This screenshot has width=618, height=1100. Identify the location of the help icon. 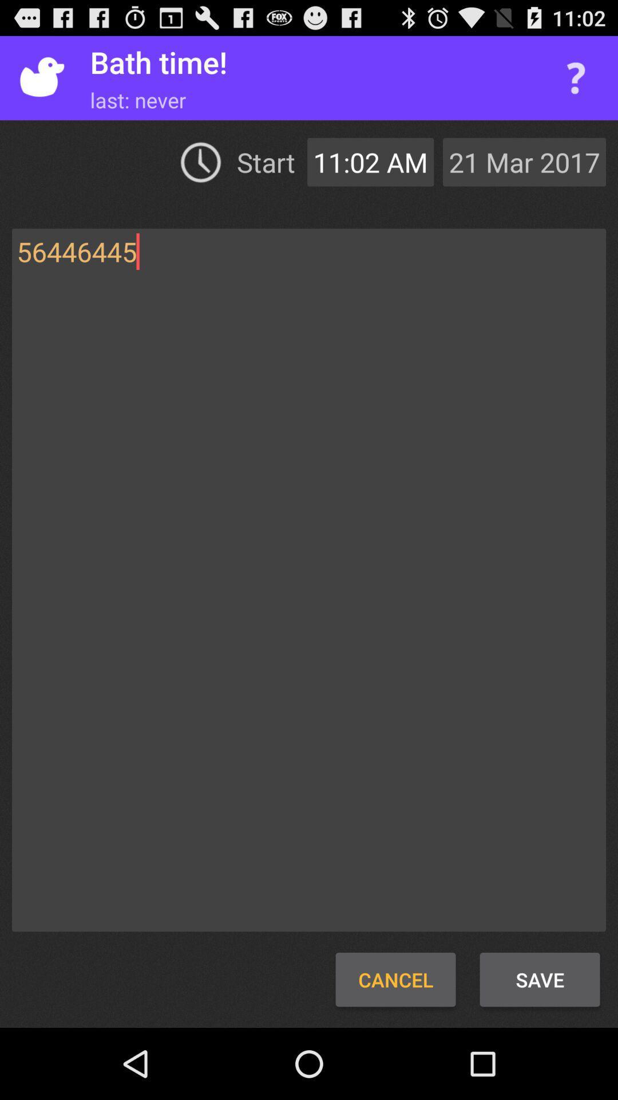
(576, 83).